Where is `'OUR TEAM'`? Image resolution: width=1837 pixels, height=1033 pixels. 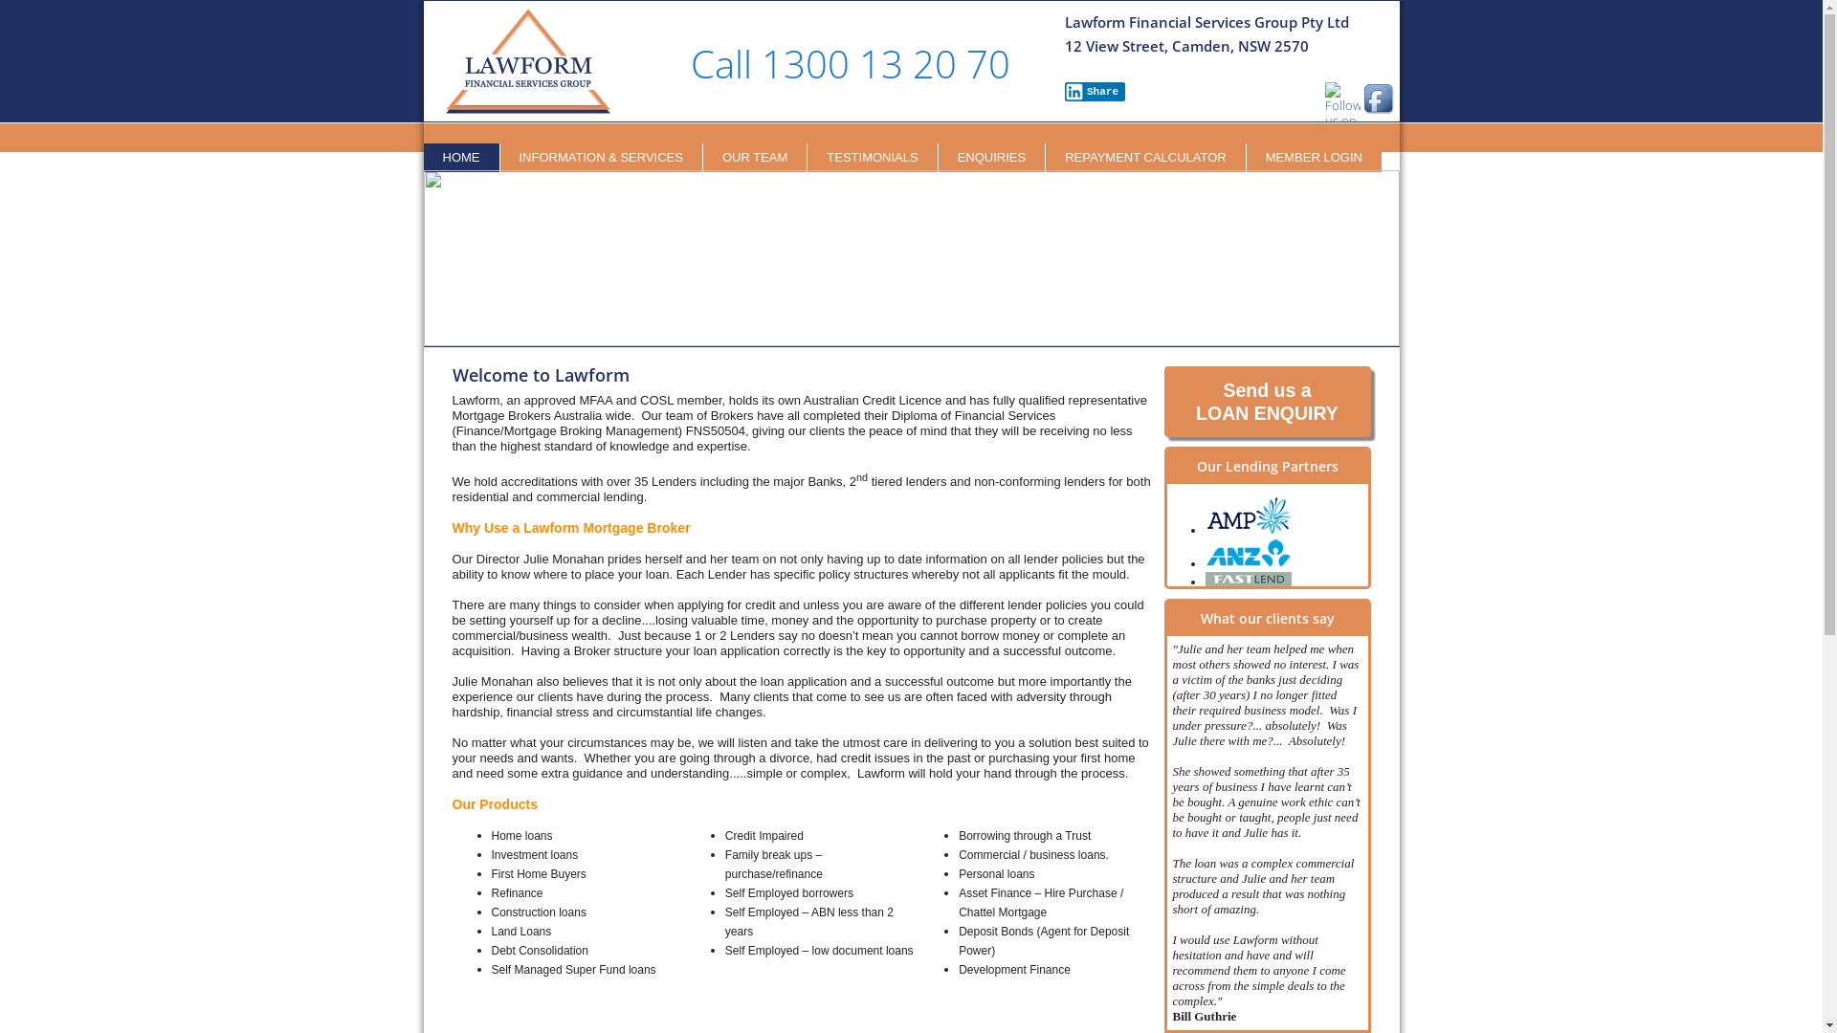
'OUR TEAM' is located at coordinates (753, 157).